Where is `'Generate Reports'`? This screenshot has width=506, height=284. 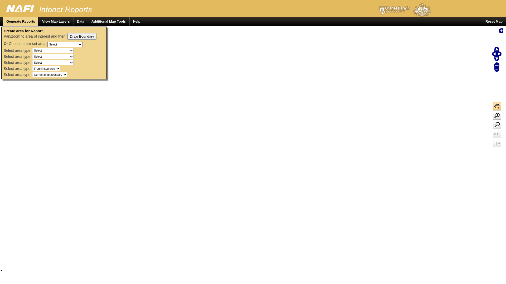
'Generate Reports' is located at coordinates (3, 21).